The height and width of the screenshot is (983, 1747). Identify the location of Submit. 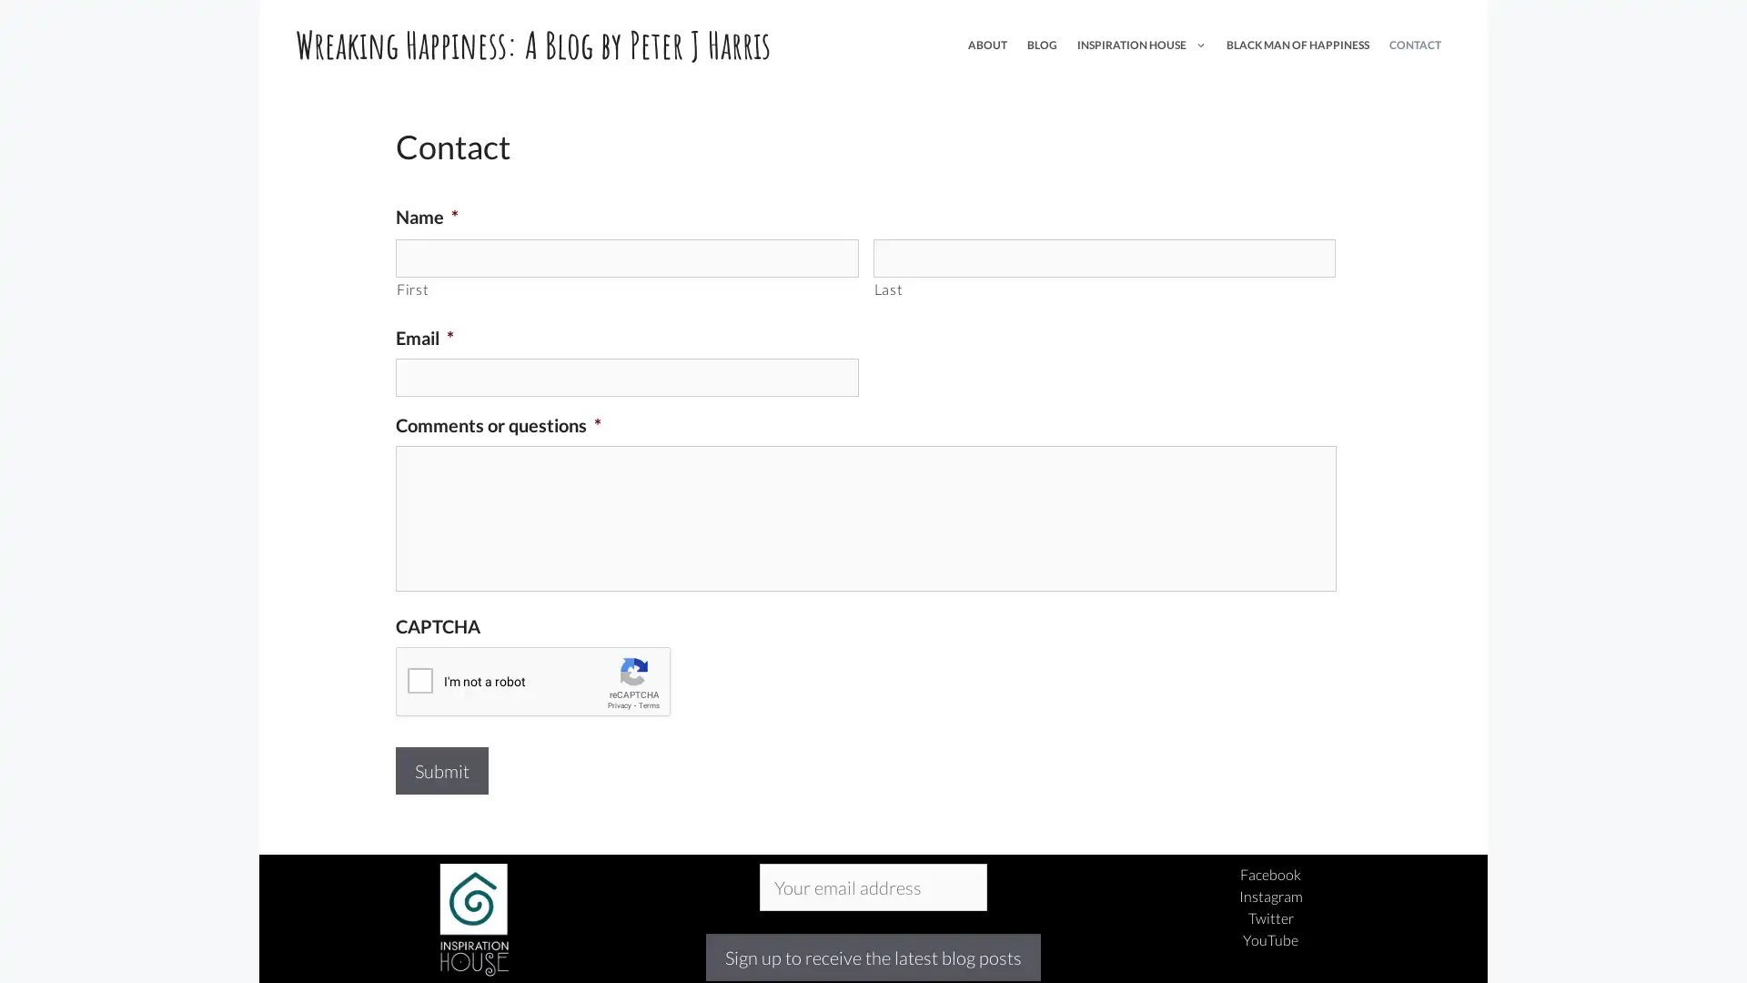
(441, 769).